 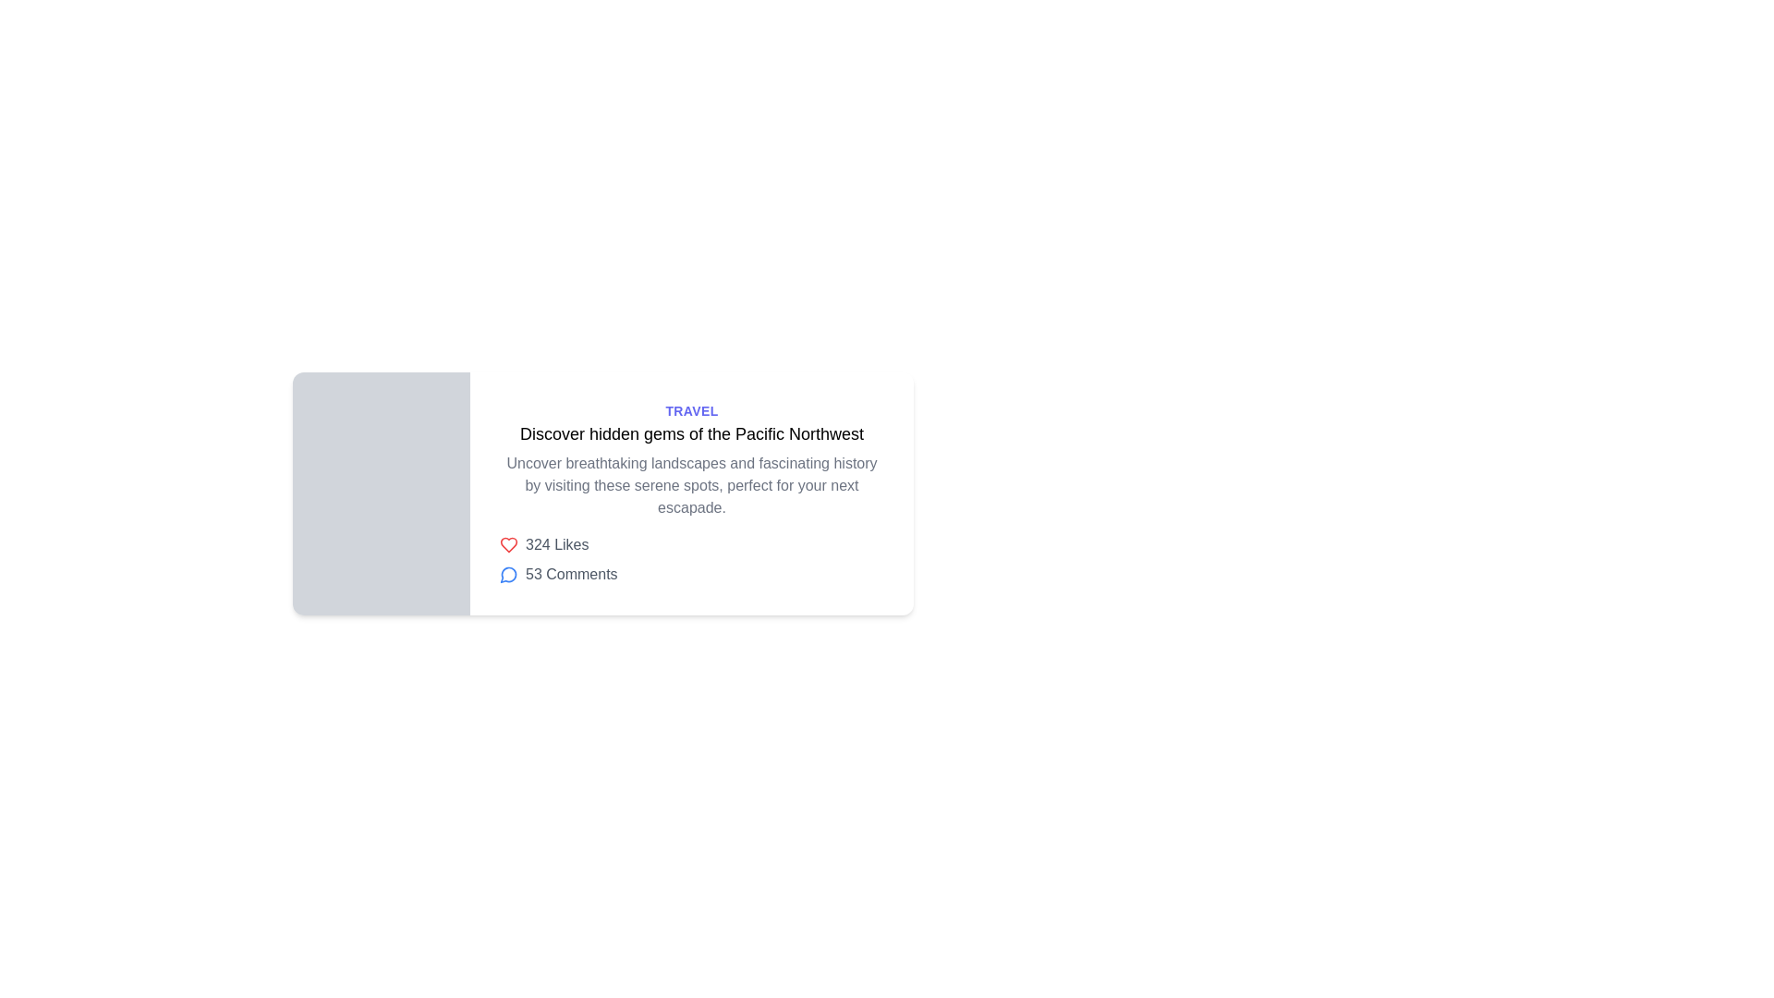 What do you see at coordinates (690, 558) in the screenshot?
I see `textual information element displaying user engagement statistics, which is located below the descriptive text within a content card, to gather further details` at bounding box center [690, 558].